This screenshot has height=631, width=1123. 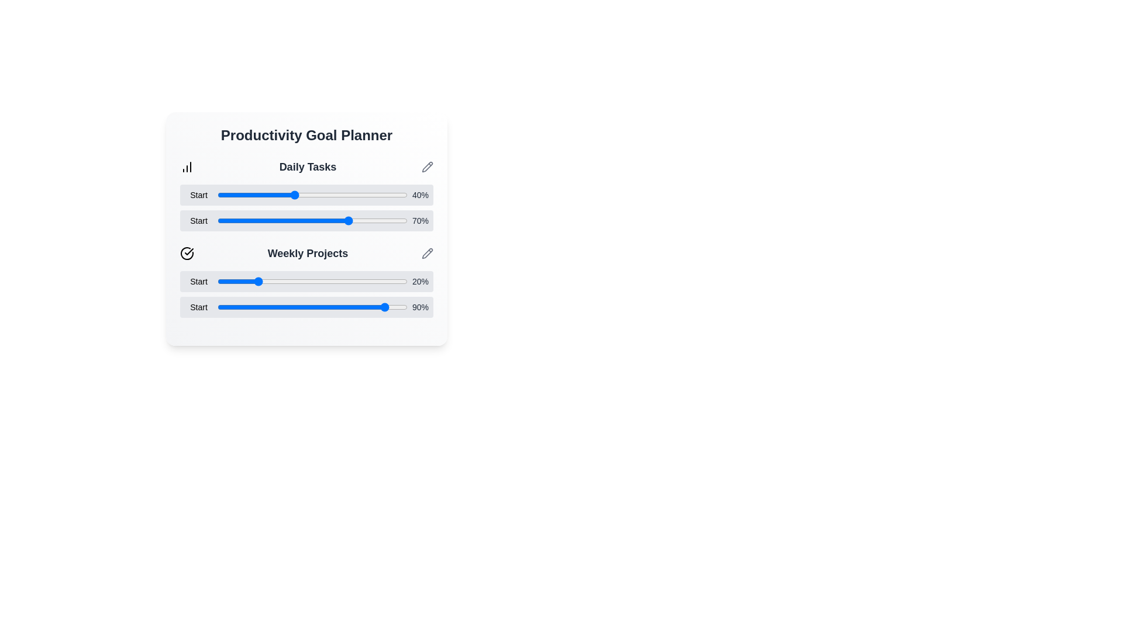 What do you see at coordinates (306, 167) in the screenshot?
I see `the title and icon of the goal "Daily Tasks"` at bounding box center [306, 167].